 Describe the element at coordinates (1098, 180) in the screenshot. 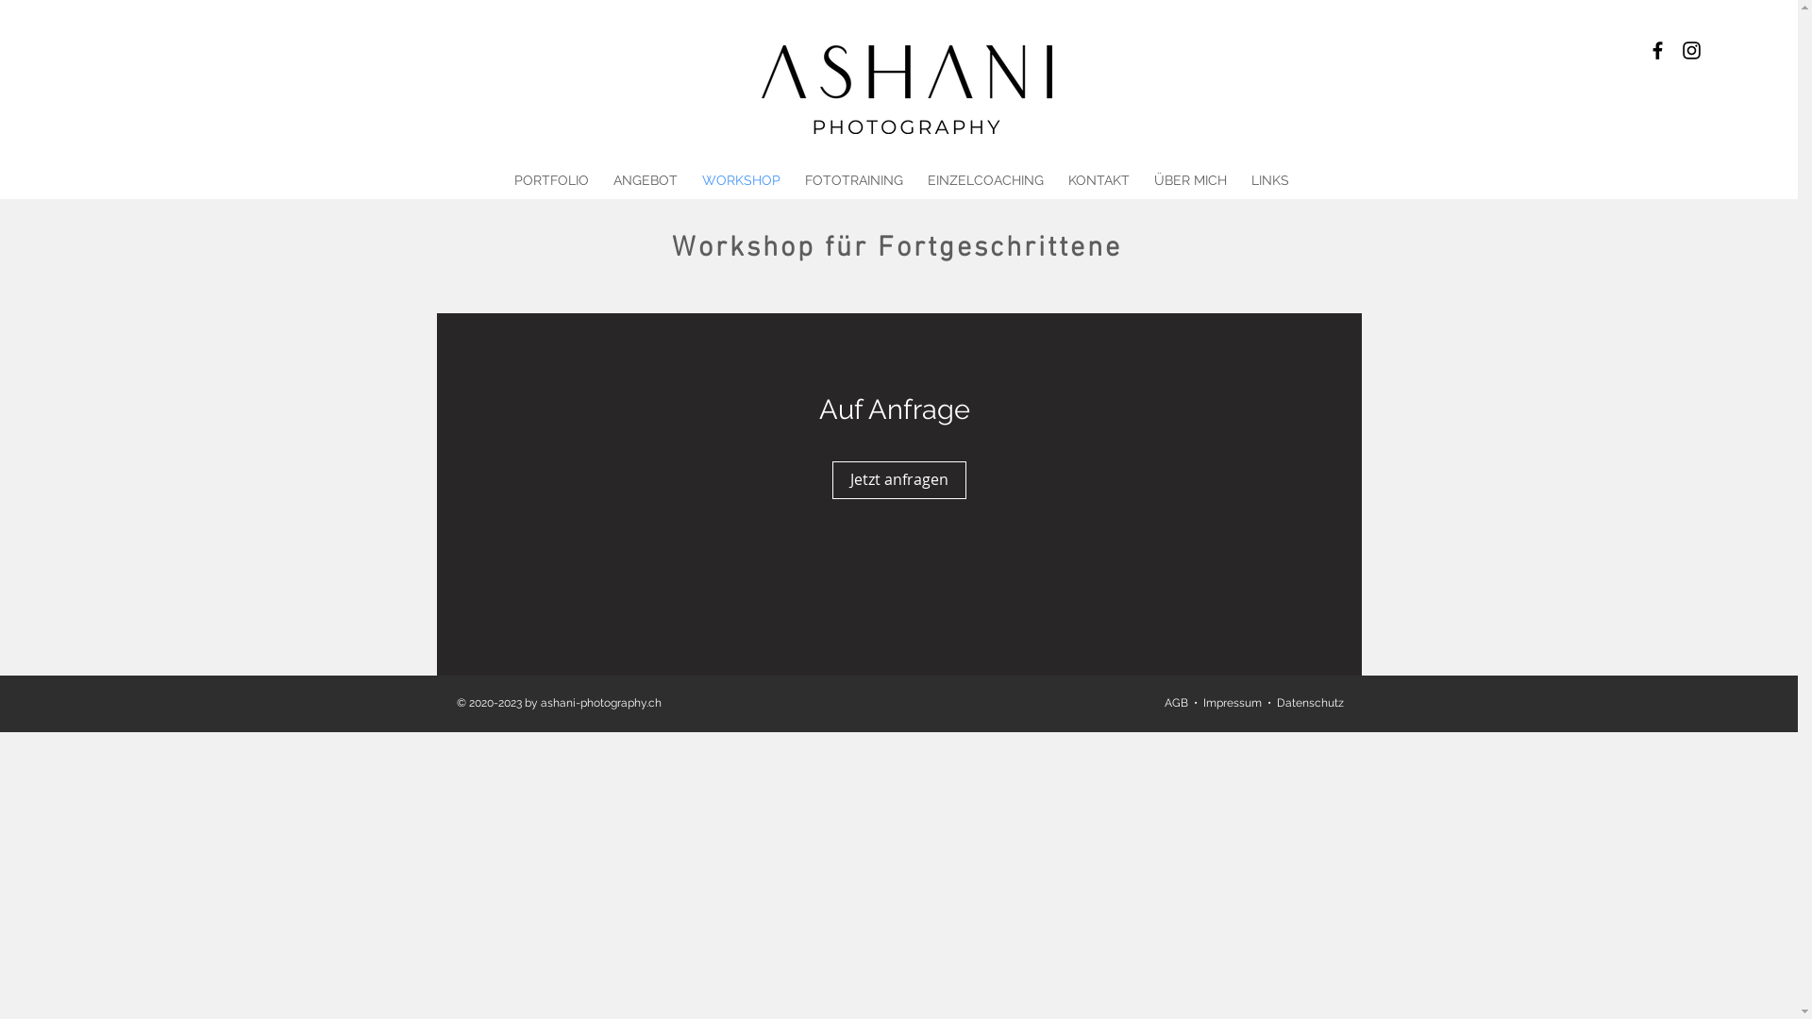

I see `'KONTAKT'` at that location.